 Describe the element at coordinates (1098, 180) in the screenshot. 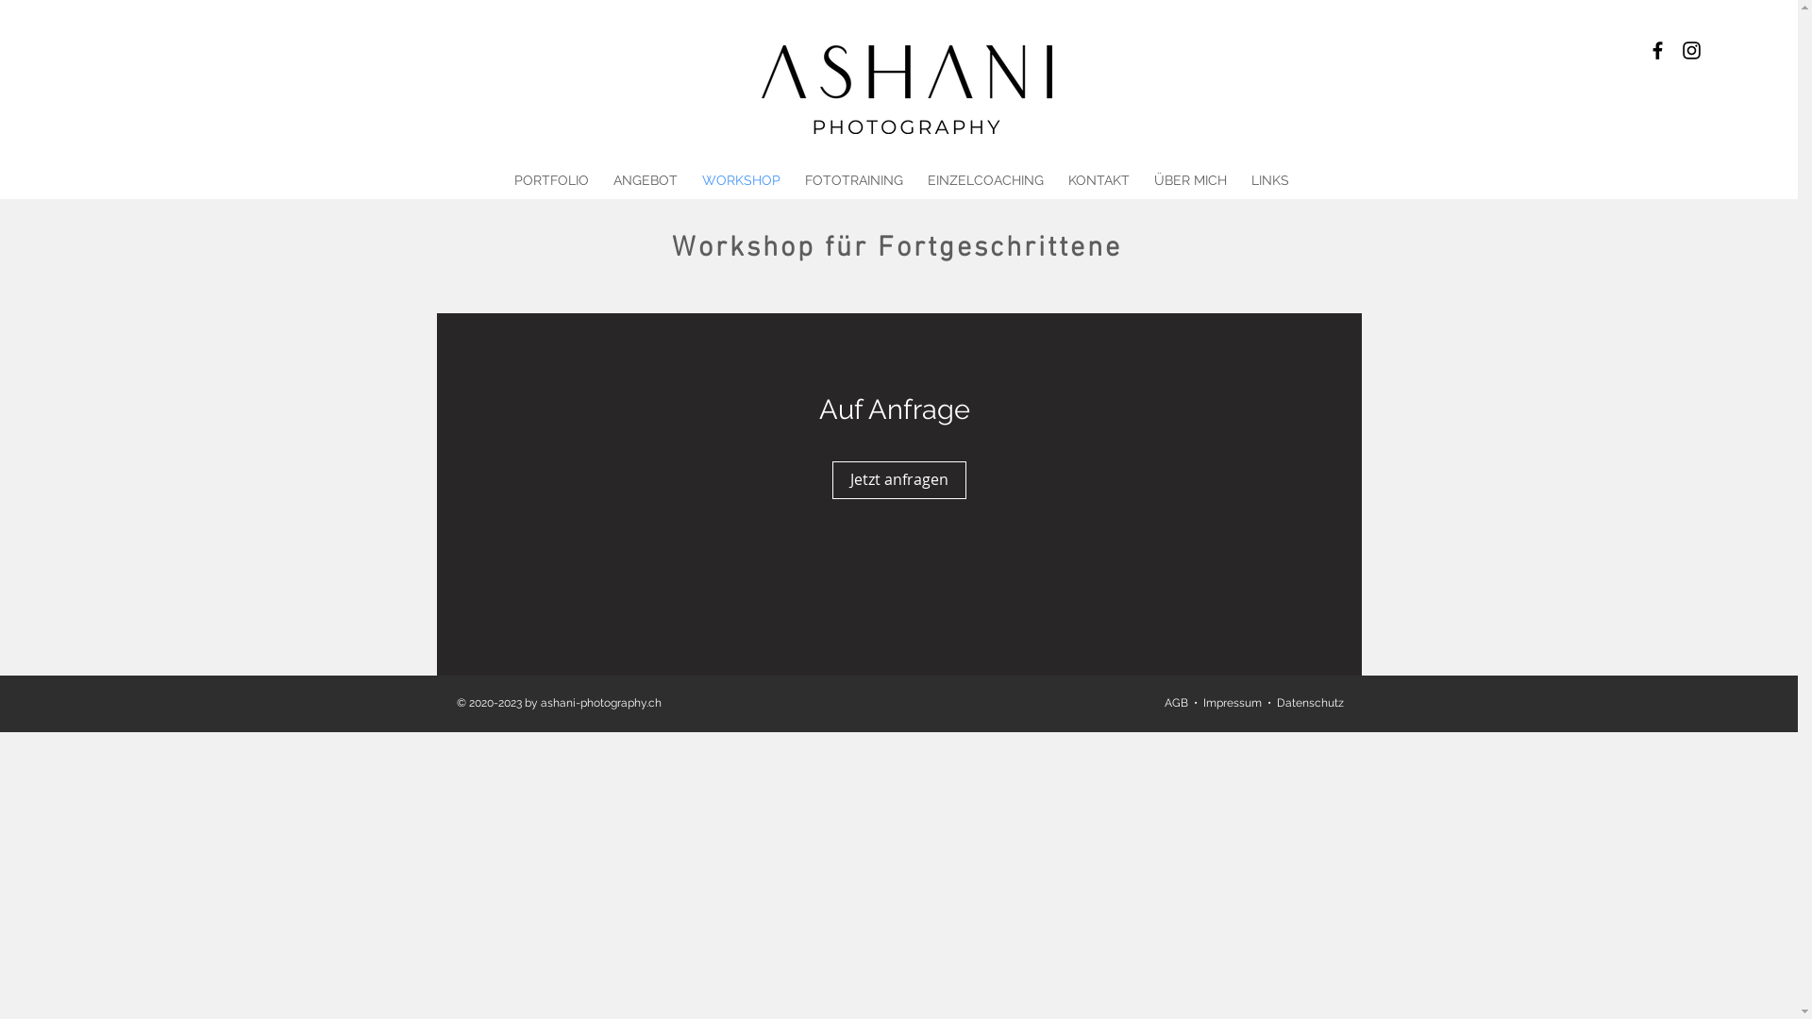

I see `'KONTAKT'` at that location.